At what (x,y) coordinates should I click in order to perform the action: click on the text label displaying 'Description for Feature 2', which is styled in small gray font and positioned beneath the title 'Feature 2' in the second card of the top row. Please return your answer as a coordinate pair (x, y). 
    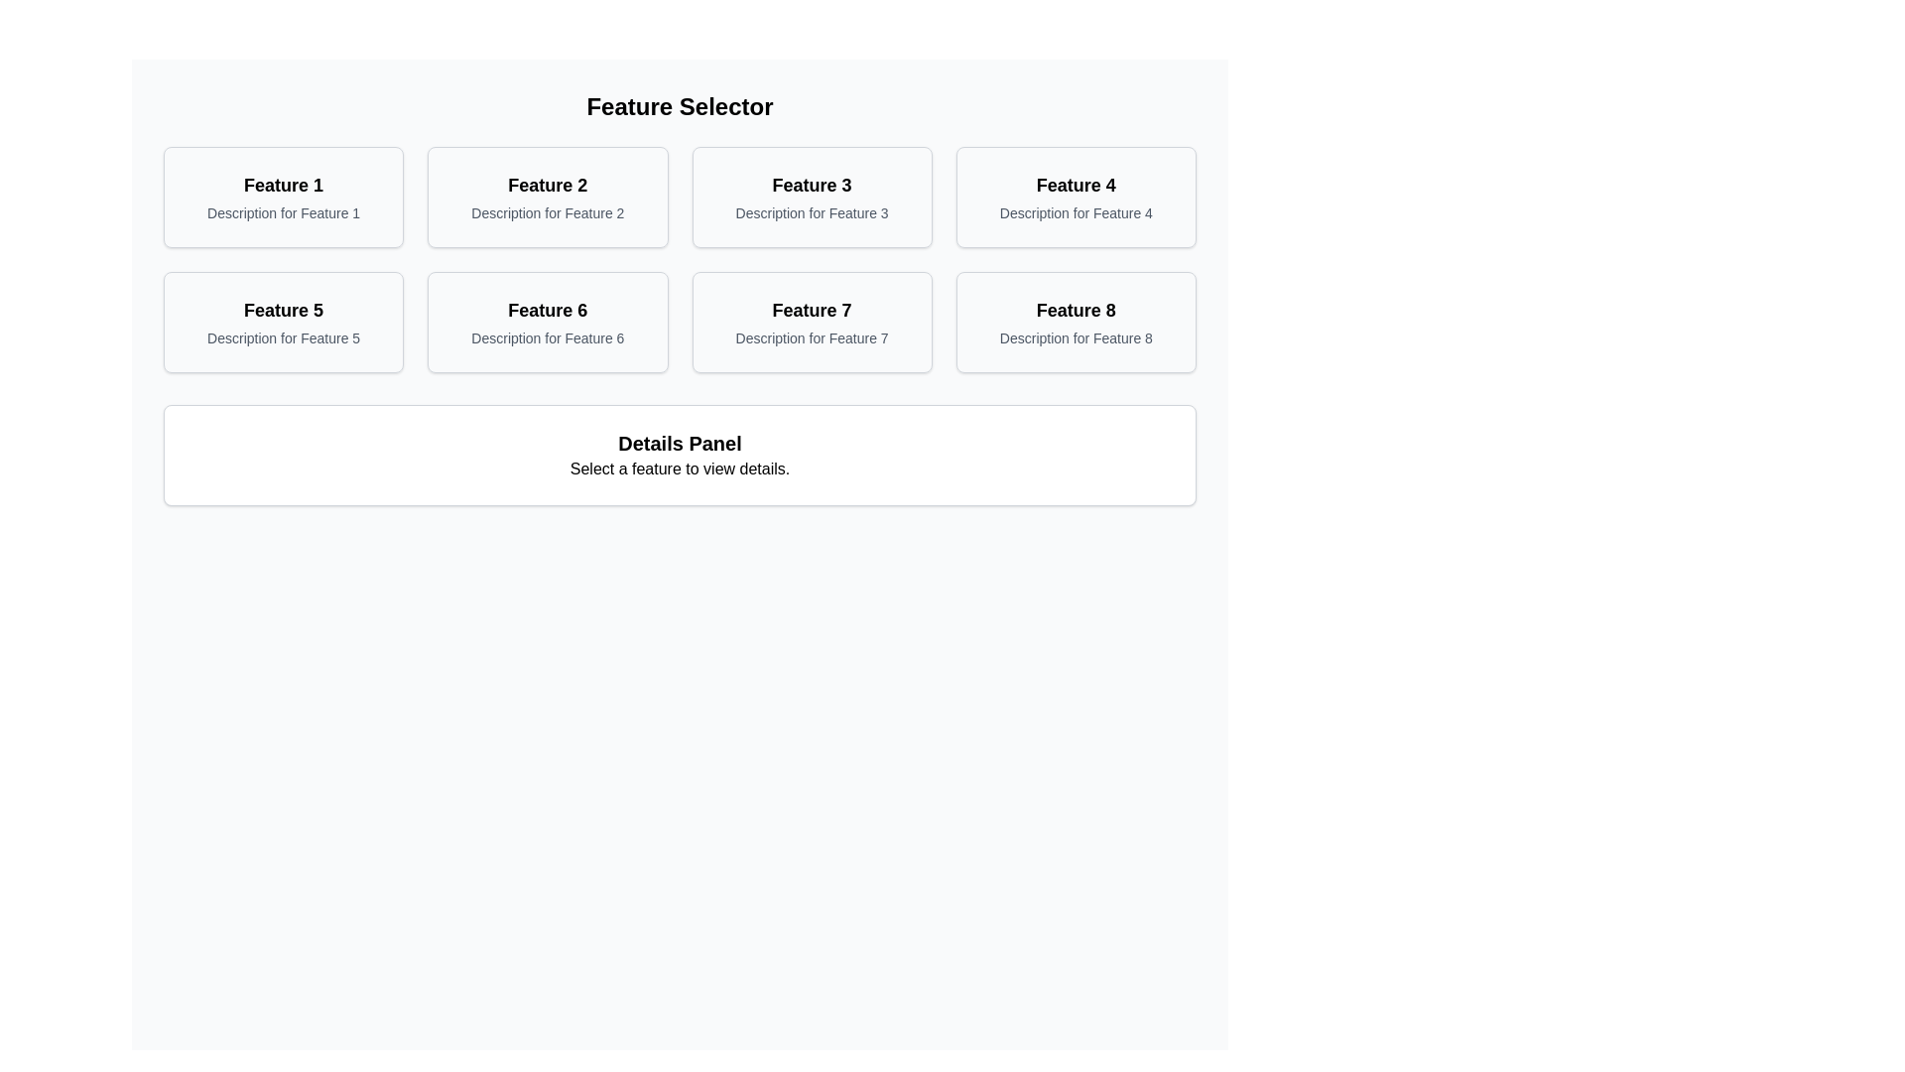
    Looking at the image, I should click on (548, 213).